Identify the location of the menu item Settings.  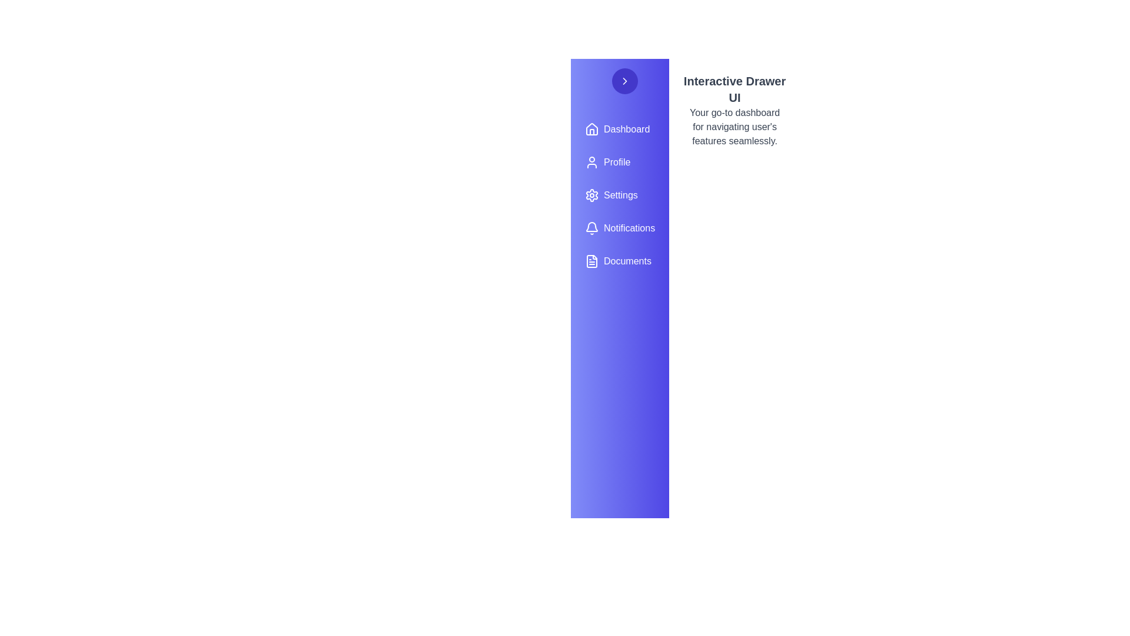
(619, 194).